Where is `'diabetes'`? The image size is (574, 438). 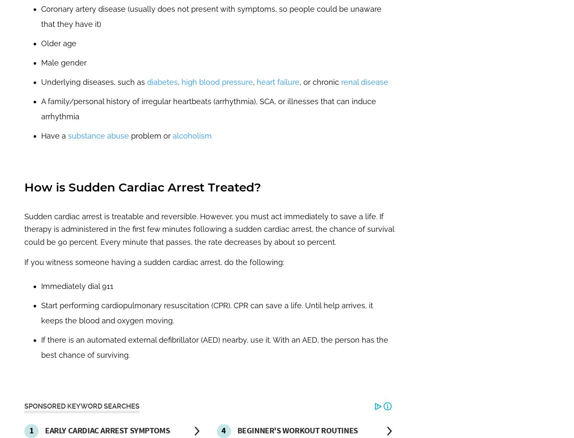 'diabetes' is located at coordinates (146, 81).